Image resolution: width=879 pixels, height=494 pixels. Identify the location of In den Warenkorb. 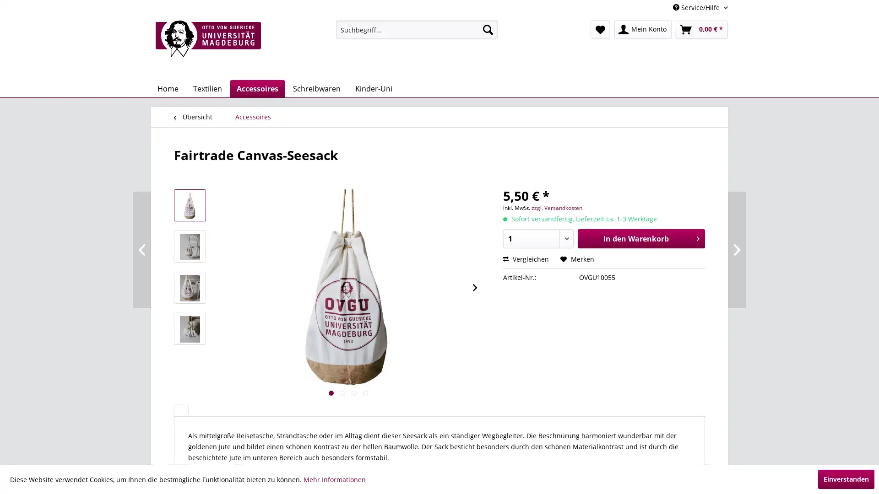
(640, 238).